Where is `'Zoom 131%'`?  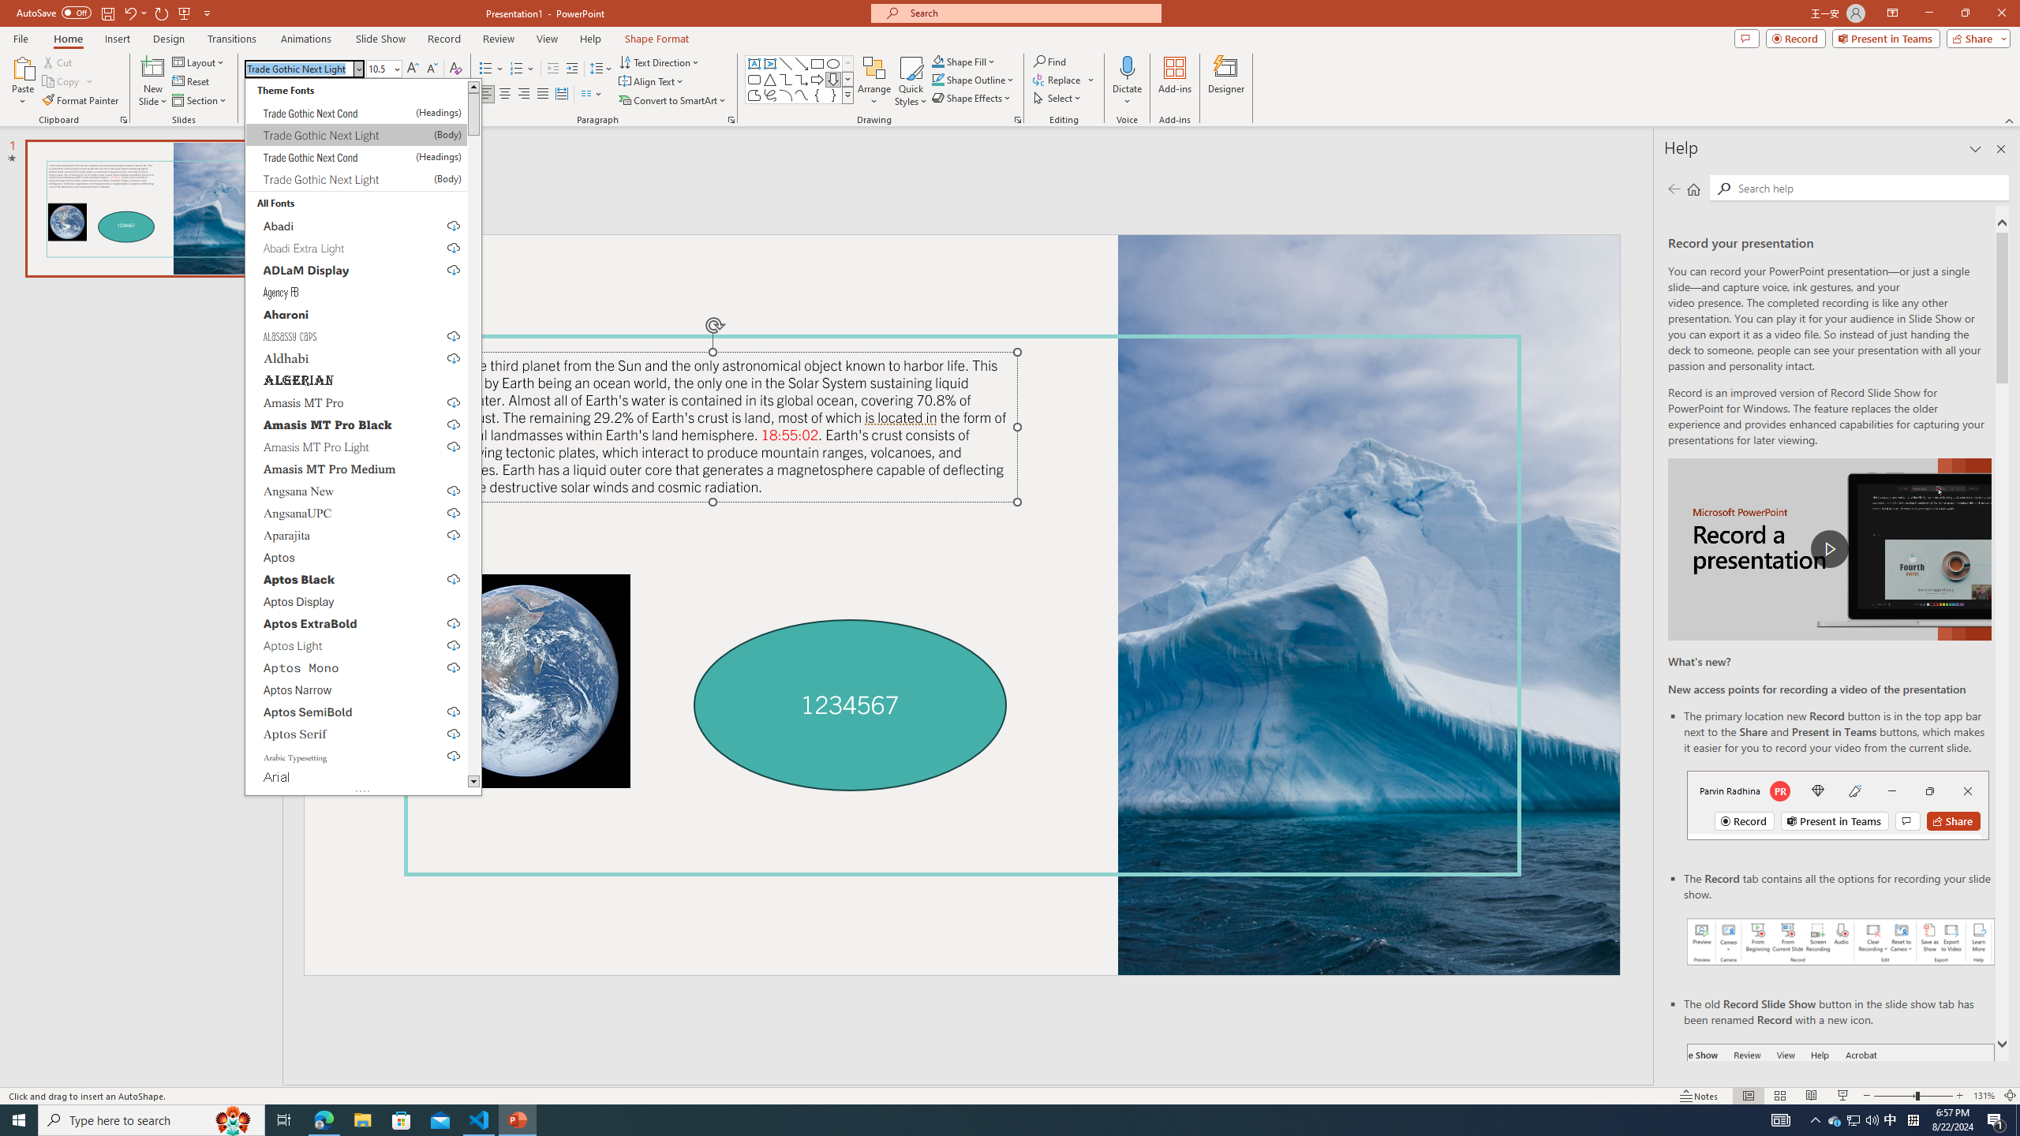
'Zoom 131%' is located at coordinates (1984, 1096).